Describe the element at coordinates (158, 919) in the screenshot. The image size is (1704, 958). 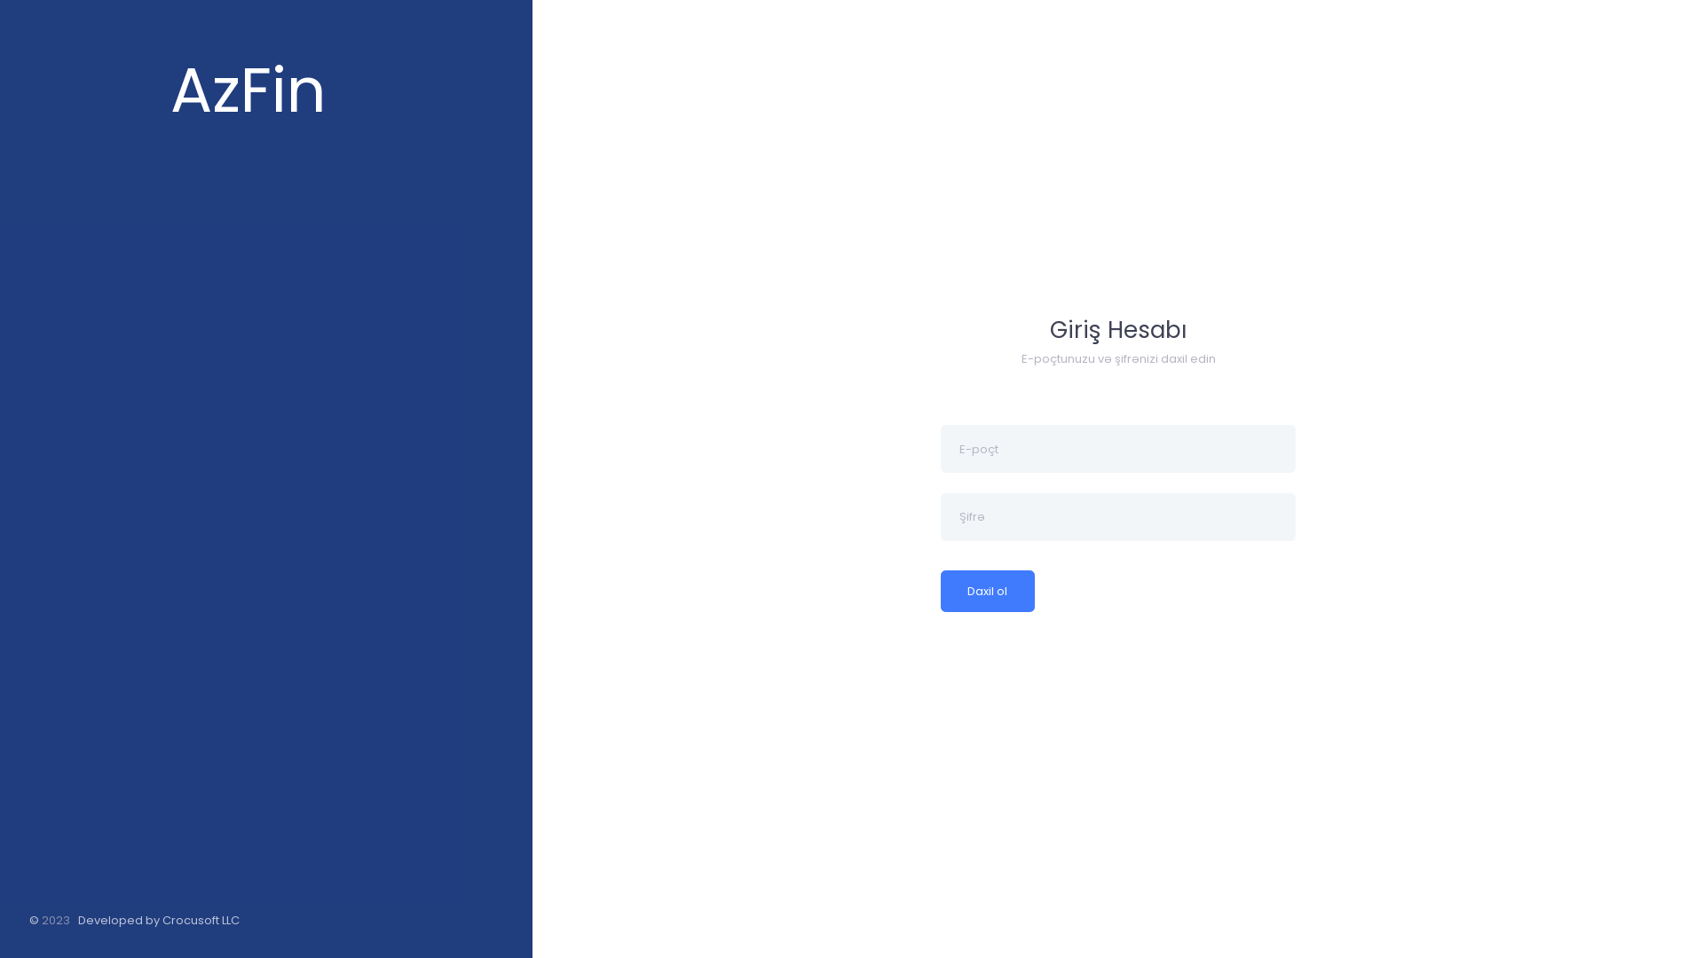
I see `'Developed by Crocusoft LLC'` at that location.